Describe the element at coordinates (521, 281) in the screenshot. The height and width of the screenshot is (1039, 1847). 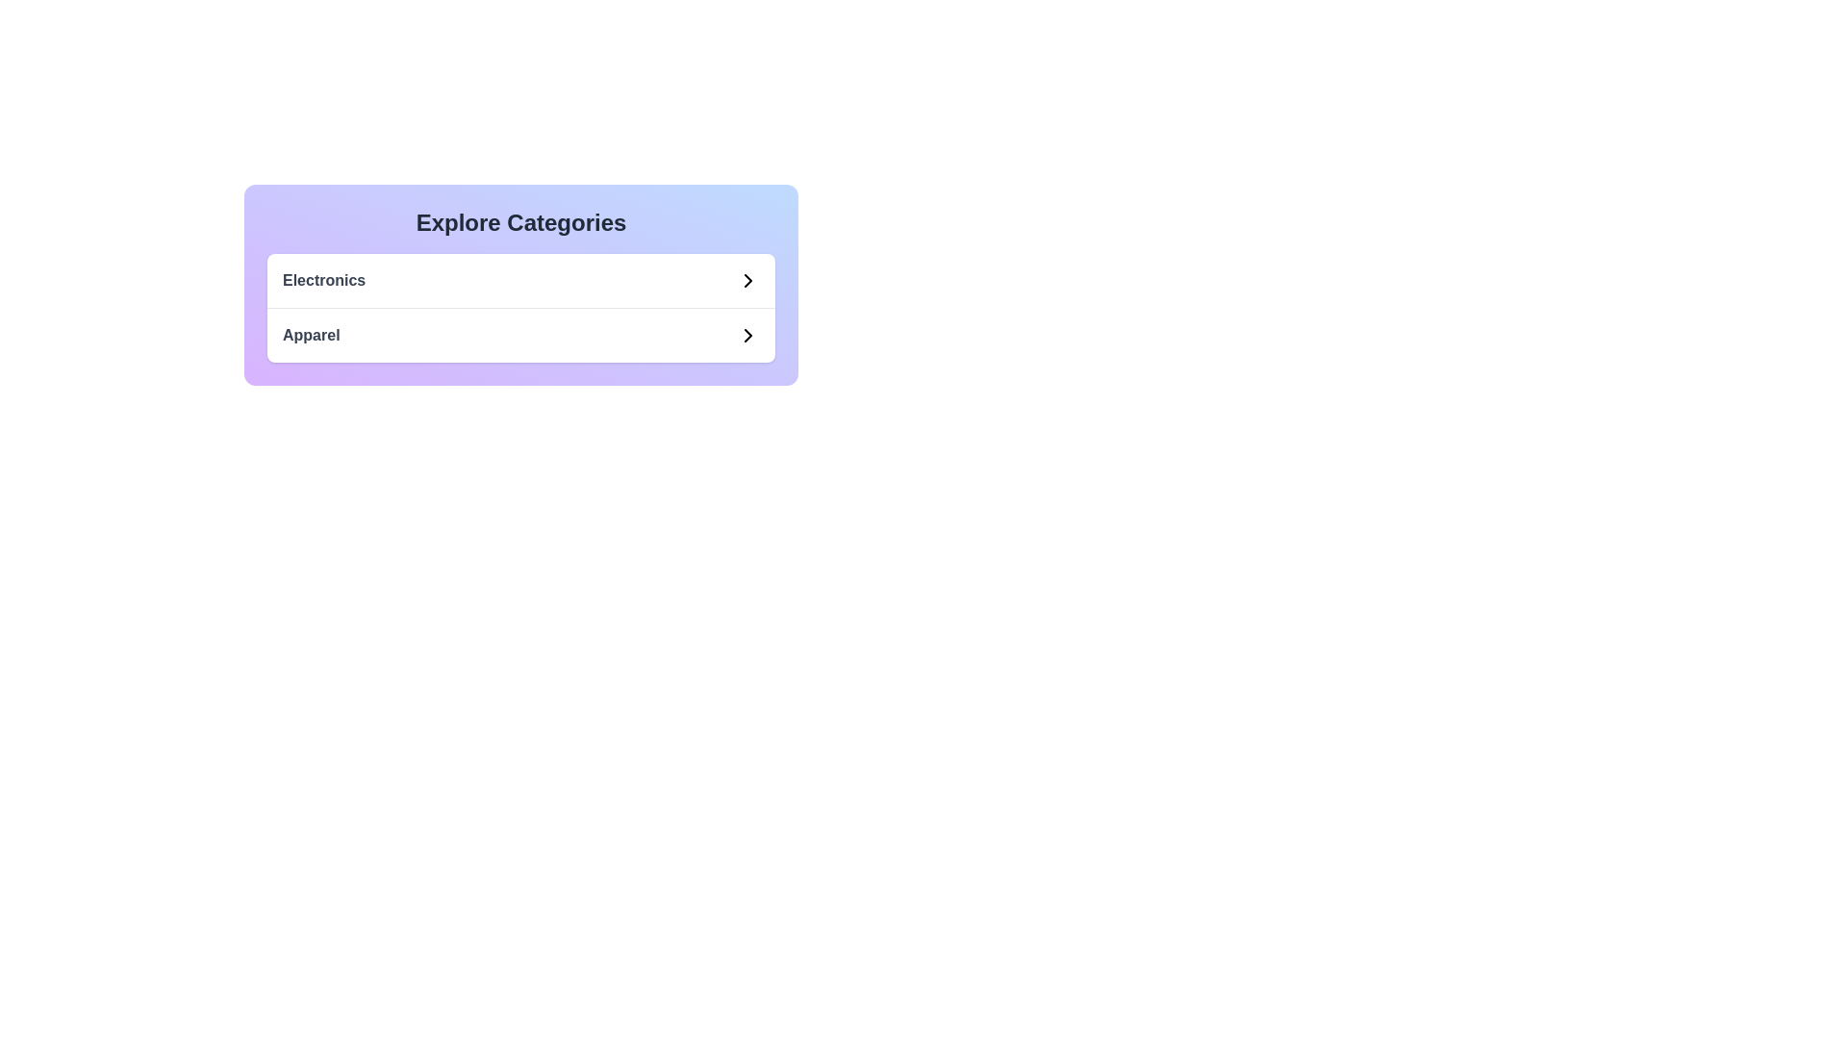
I see `the 'Electronics' category item in the list under 'Explore Categories'` at that location.